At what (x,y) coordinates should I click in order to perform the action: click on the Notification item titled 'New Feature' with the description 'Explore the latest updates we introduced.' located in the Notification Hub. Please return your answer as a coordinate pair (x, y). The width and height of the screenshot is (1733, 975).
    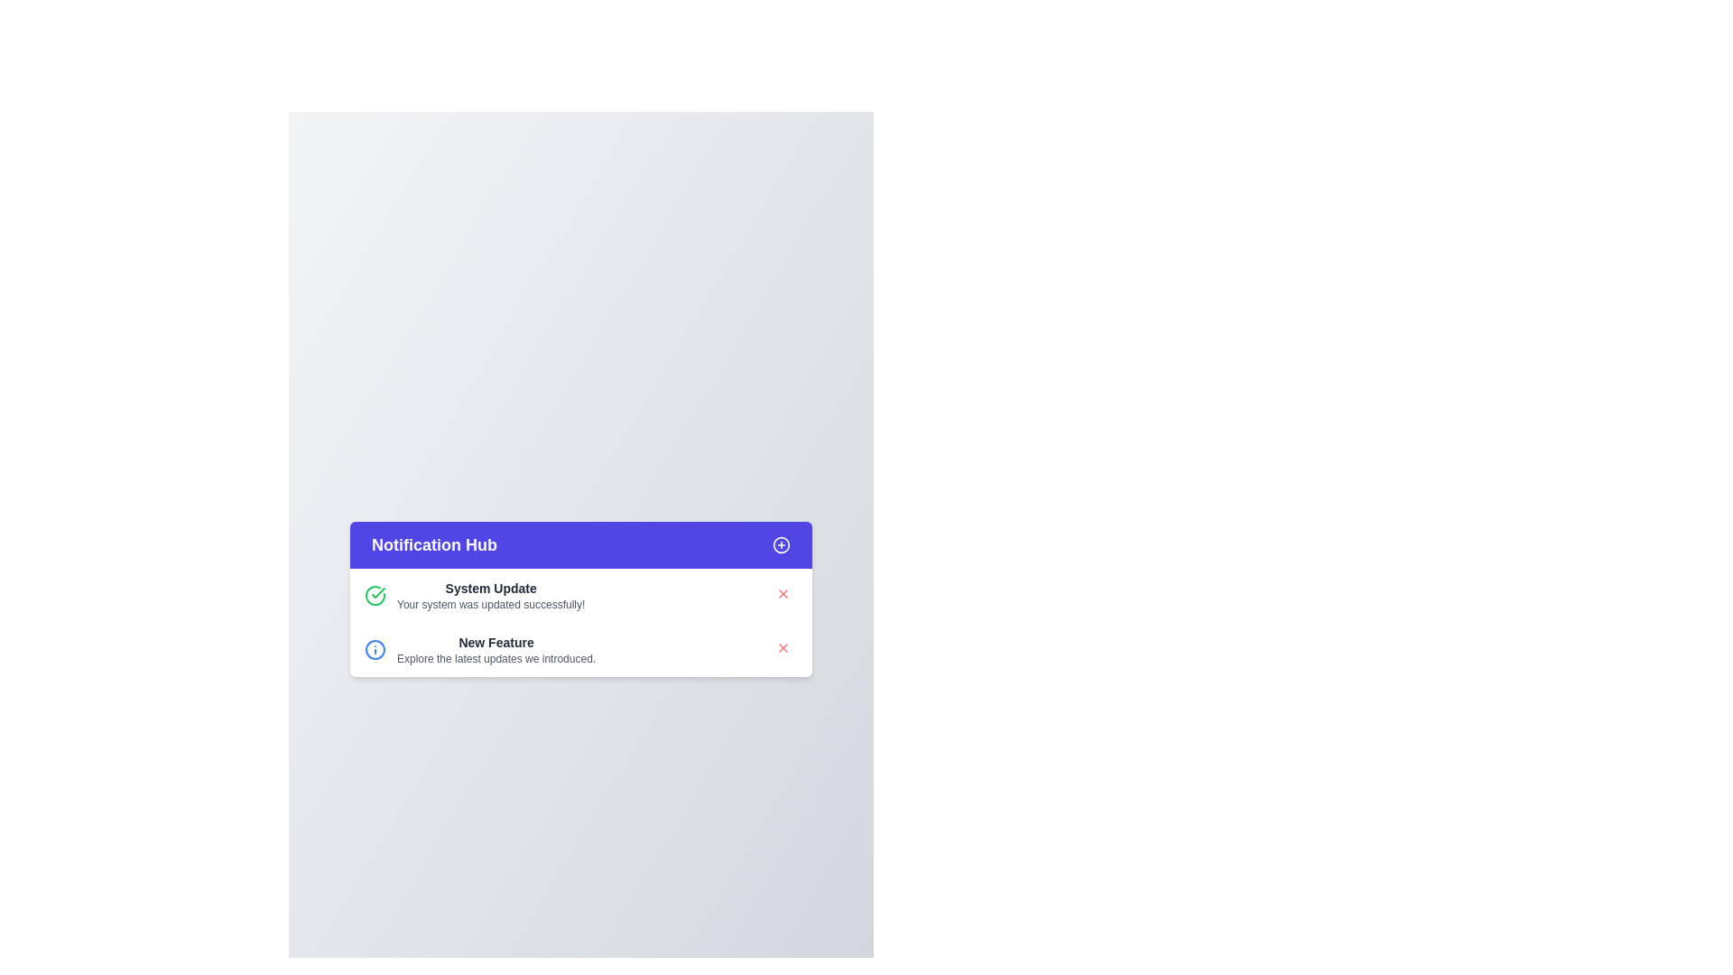
    Looking at the image, I should click on (480, 650).